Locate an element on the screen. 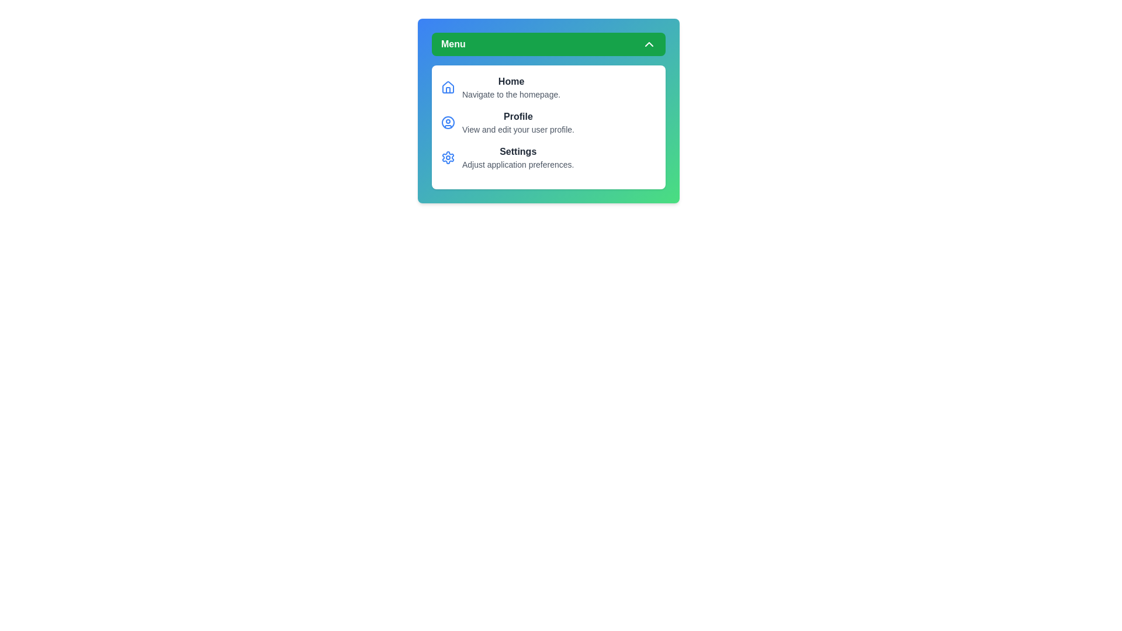 This screenshot has width=1122, height=631. the icon associated with the Profile menu item is located at coordinates (448, 122).